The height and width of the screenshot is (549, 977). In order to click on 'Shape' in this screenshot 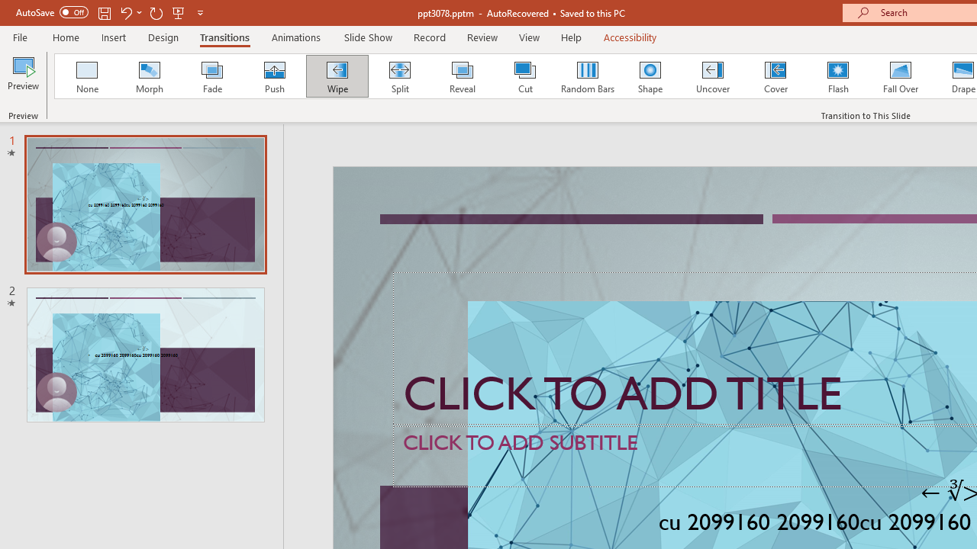, I will do `click(650, 76)`.